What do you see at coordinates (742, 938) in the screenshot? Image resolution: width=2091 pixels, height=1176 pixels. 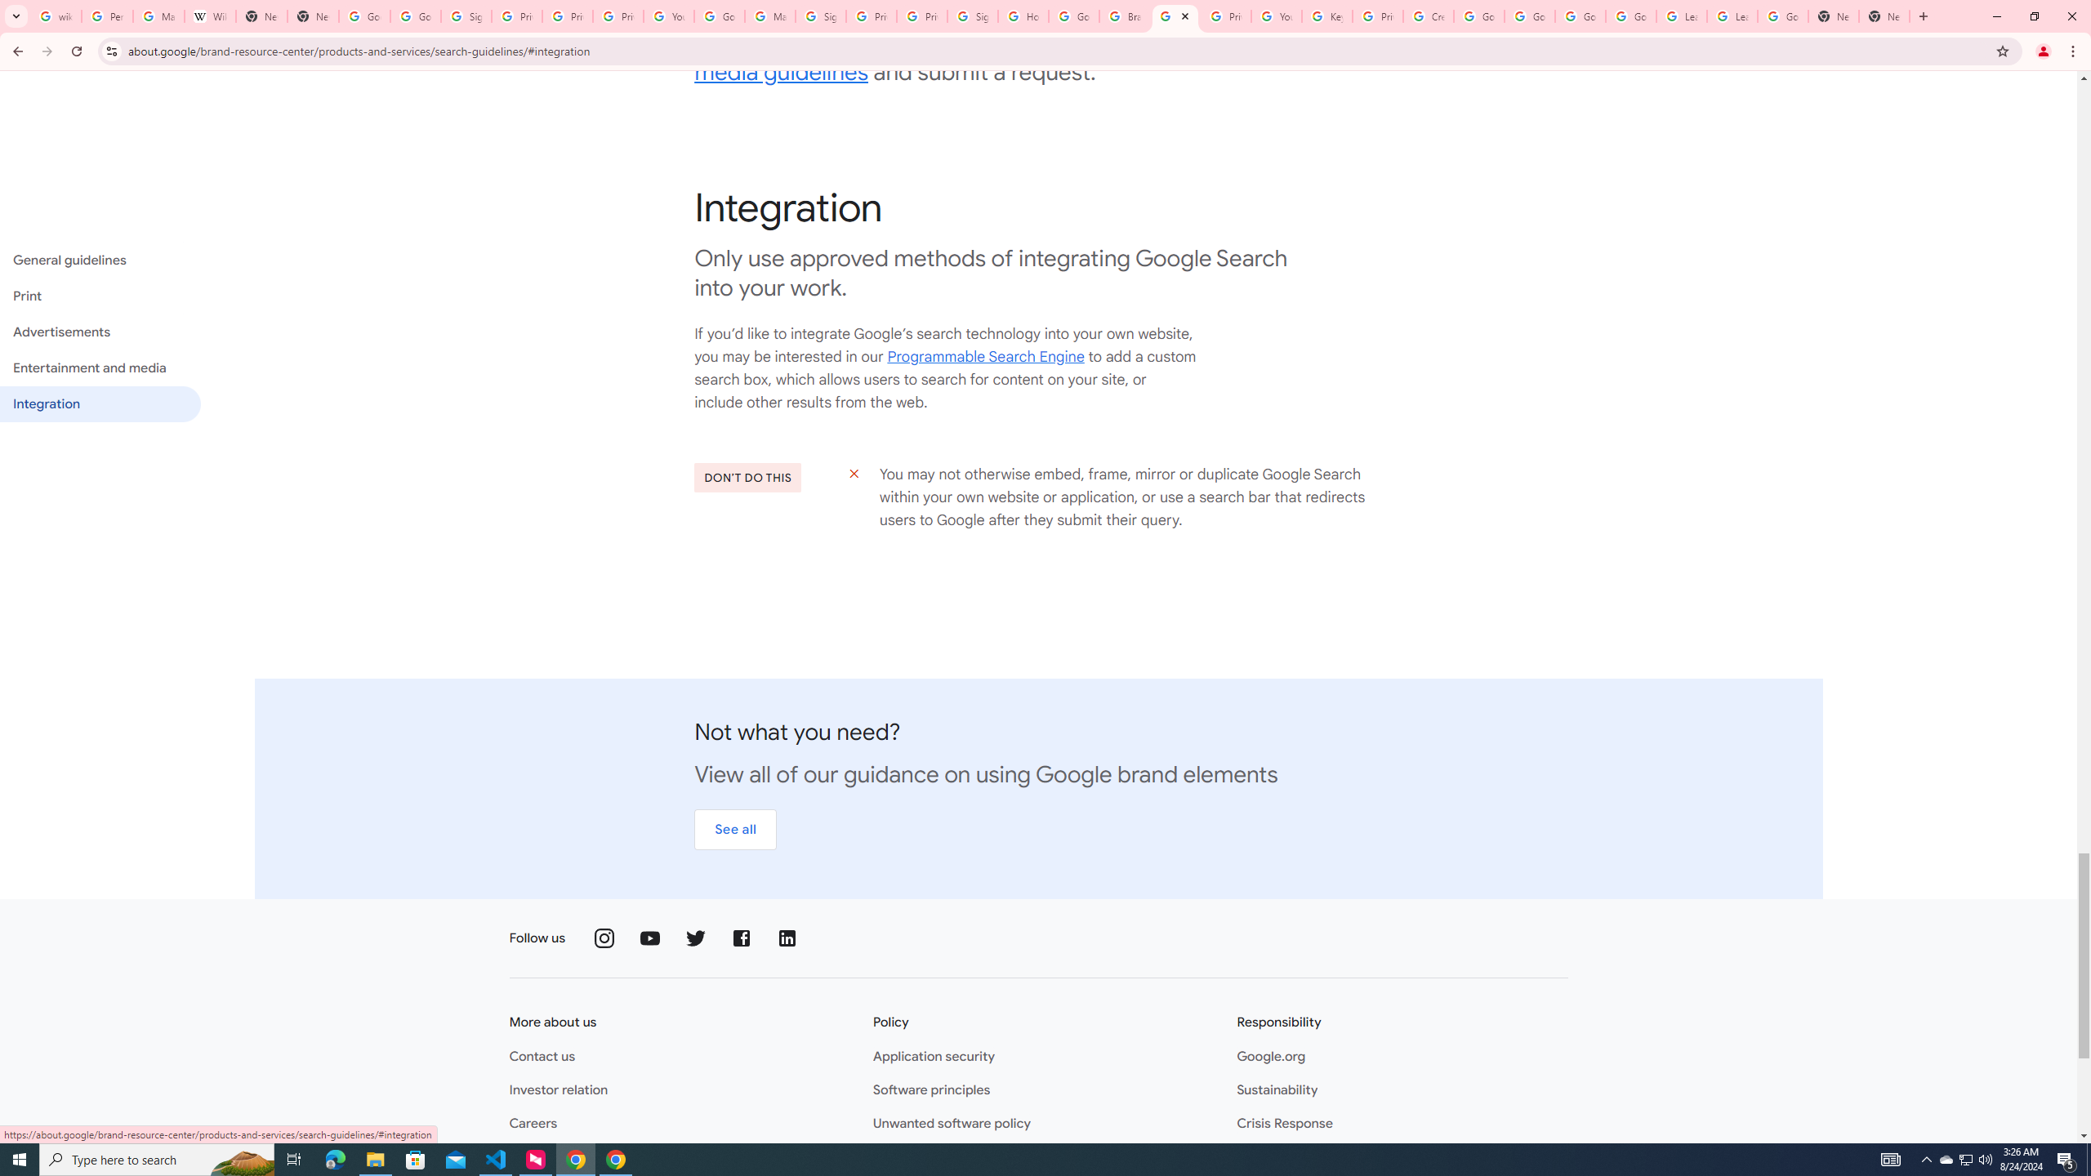 I see `'Follow us on Facebook'` at bounding box center [742, 938].